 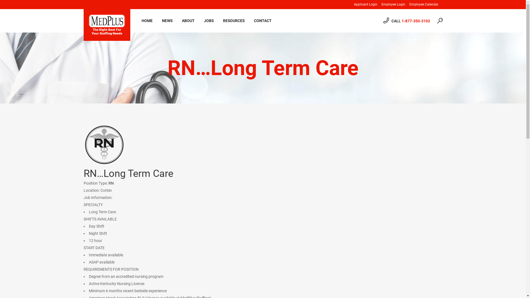 I want to click on 'ABOUT', so click(x=188, y=20).